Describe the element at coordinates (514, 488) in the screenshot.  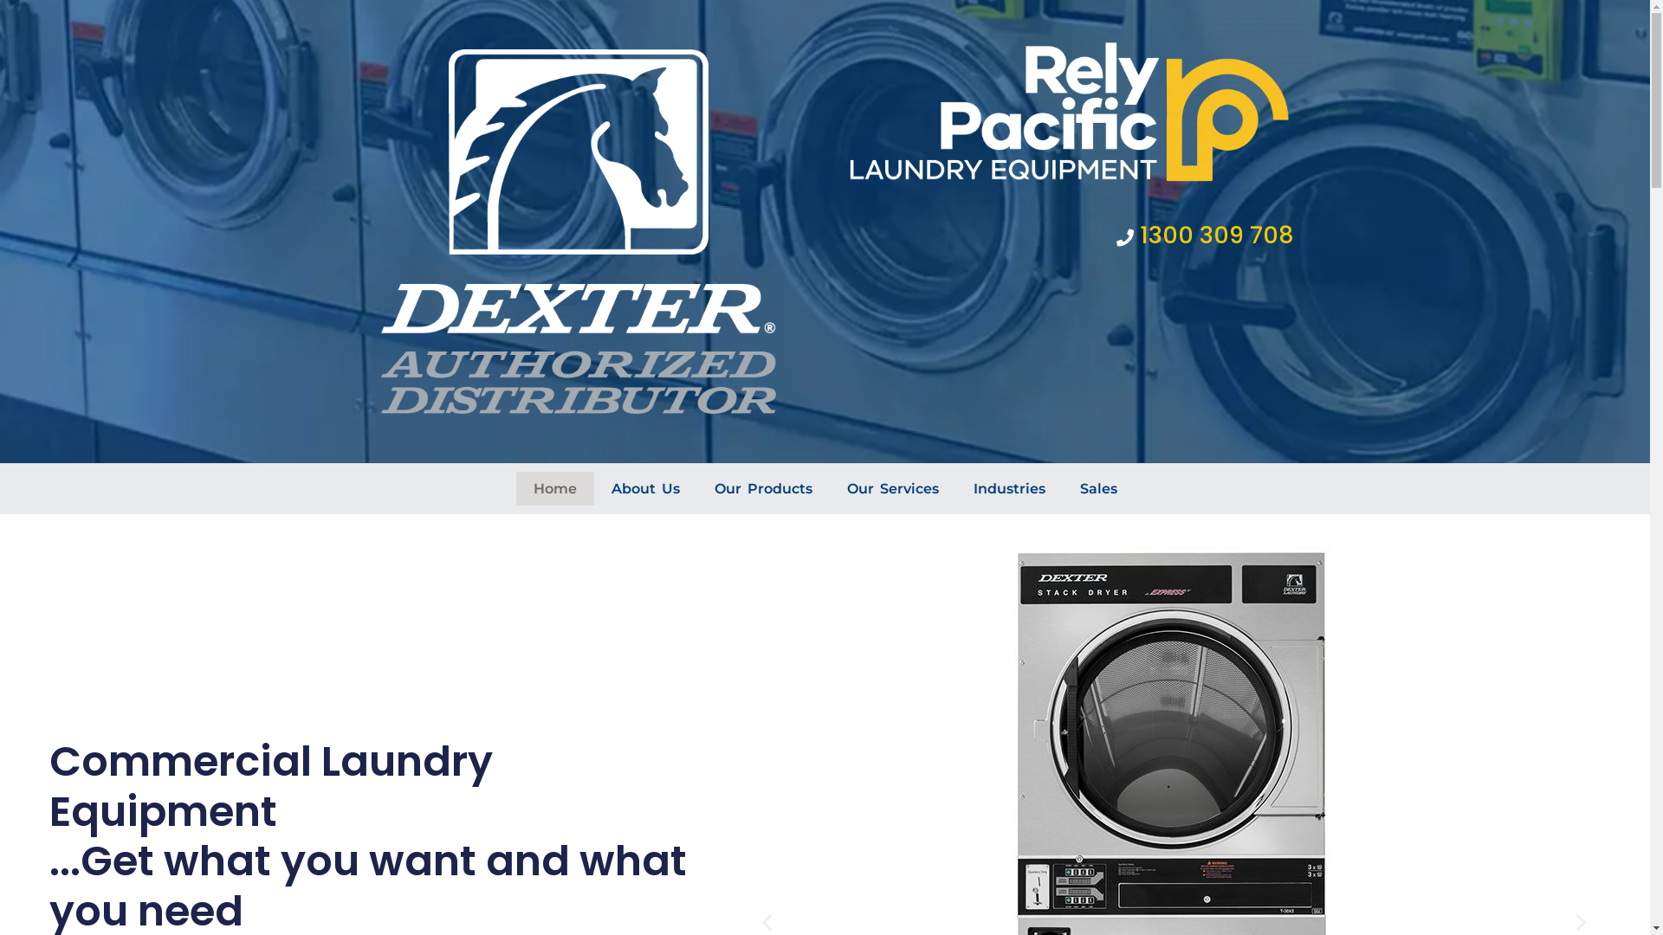
I see `'Home'` at that location.